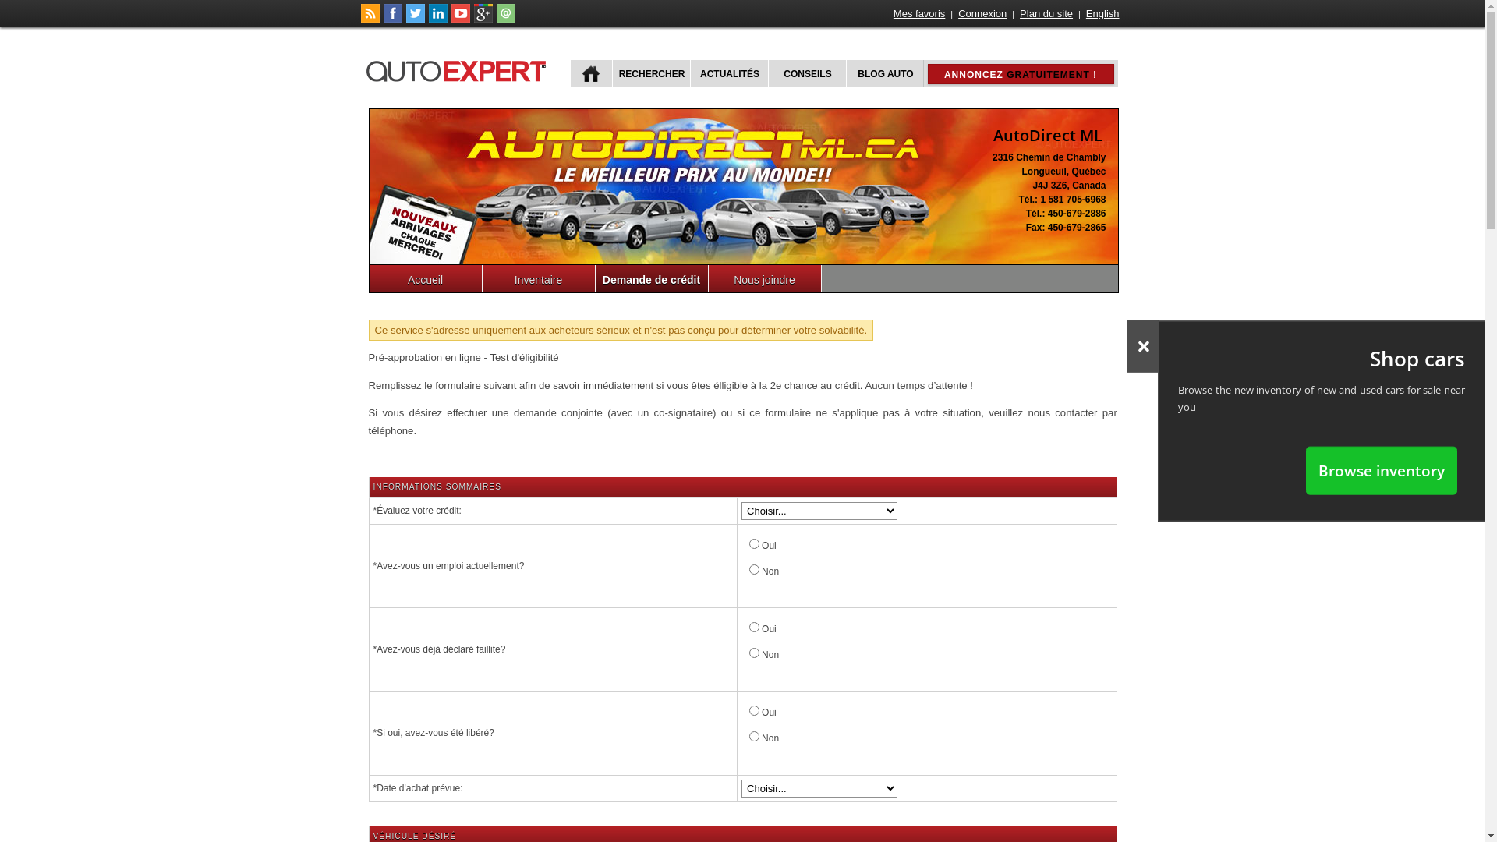 This screenshot has height=842, width=1497. What do you see at coordinates (459, 19) in the screenshot?
I see `'Suivez autoExpert.ca sur Youtube'` at bounding box center [459, 19].